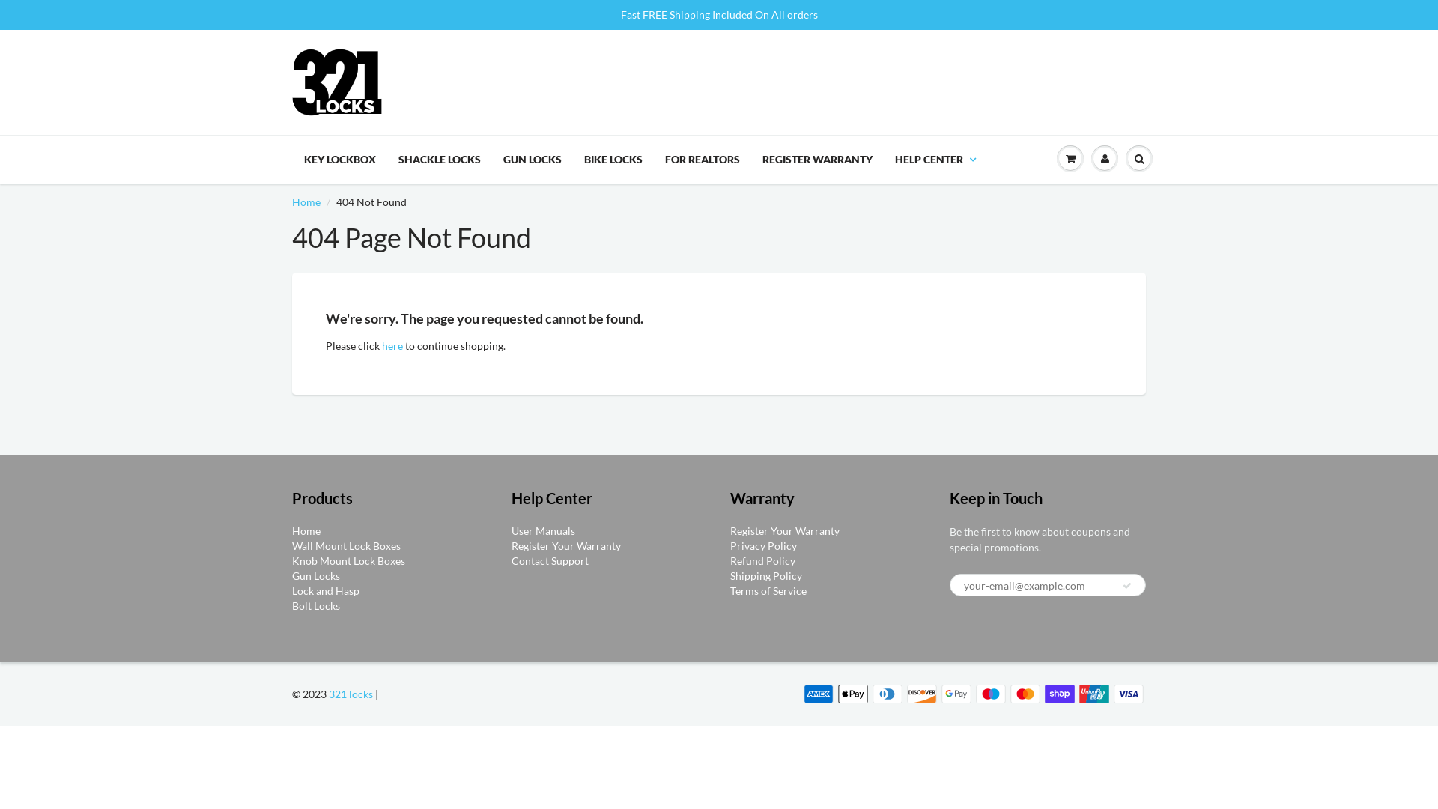 The width and height of the screenshot is (1438, 809). What do you see at coordinates (816, 159) in the screenshot?
I see `'REGISTER WARRANTY'` at bounding box center [816, 159].